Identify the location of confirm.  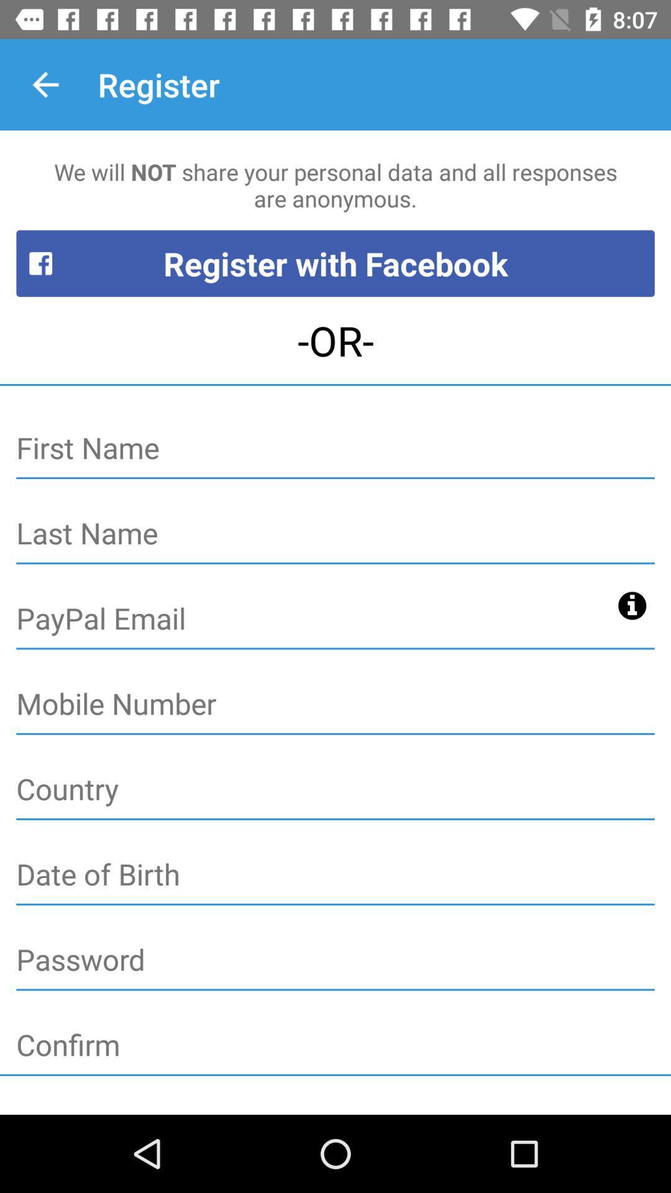
(335, 1045).